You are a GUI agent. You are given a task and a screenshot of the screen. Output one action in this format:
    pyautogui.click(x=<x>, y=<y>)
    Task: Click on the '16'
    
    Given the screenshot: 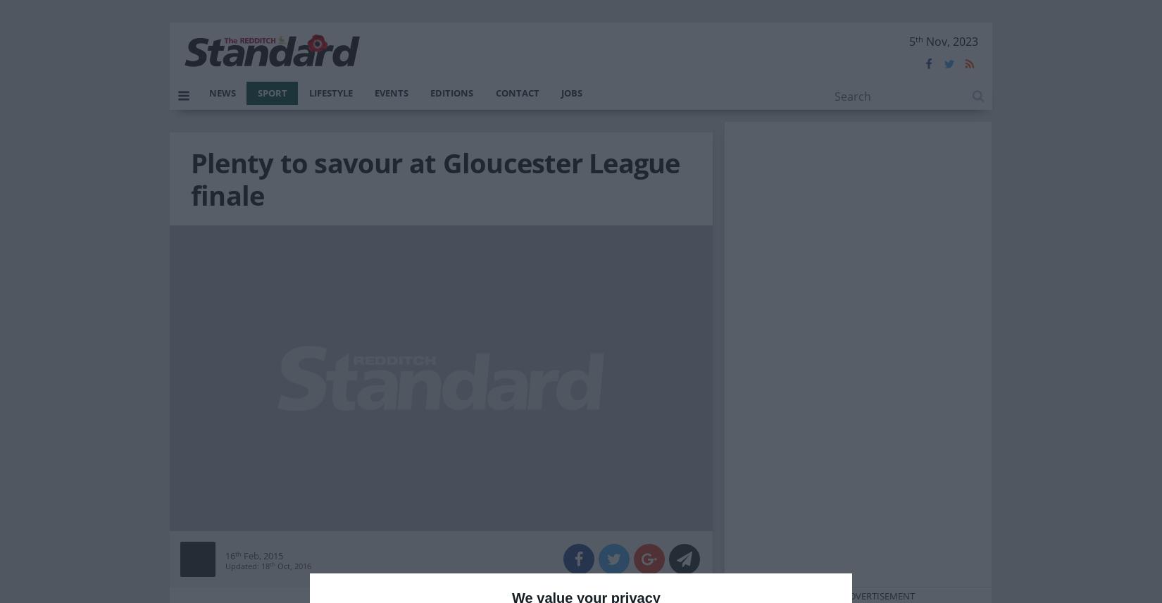 What is the action you would take?
    pyautogui.click(x=230, y=555)
    